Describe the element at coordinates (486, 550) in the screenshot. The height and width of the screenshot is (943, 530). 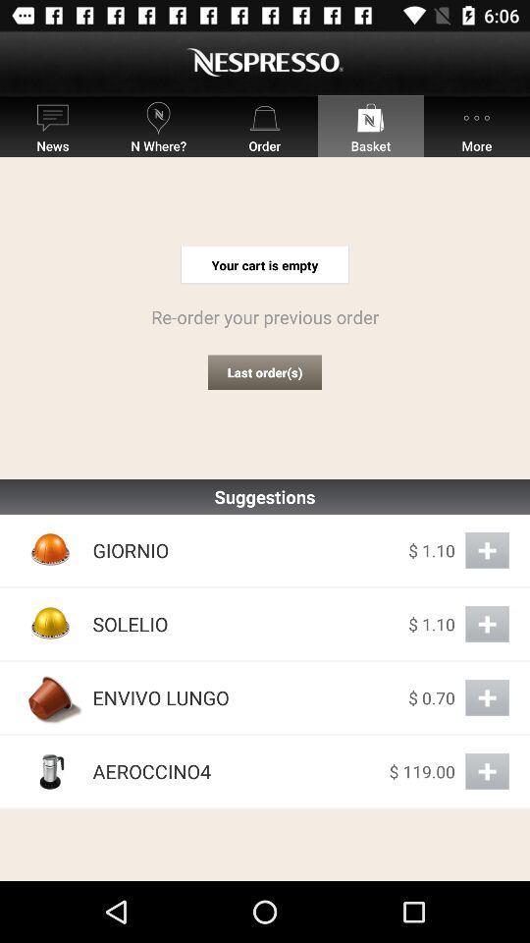
I see `the button which is right to giornio` at that location.